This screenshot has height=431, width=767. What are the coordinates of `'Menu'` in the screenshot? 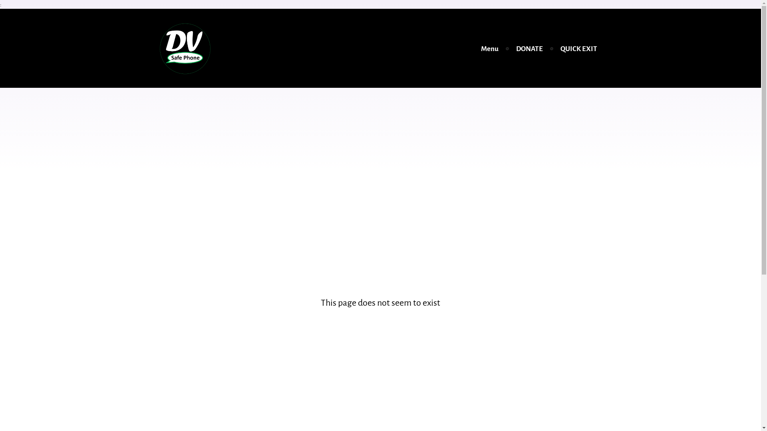 It's located at (489, 49).